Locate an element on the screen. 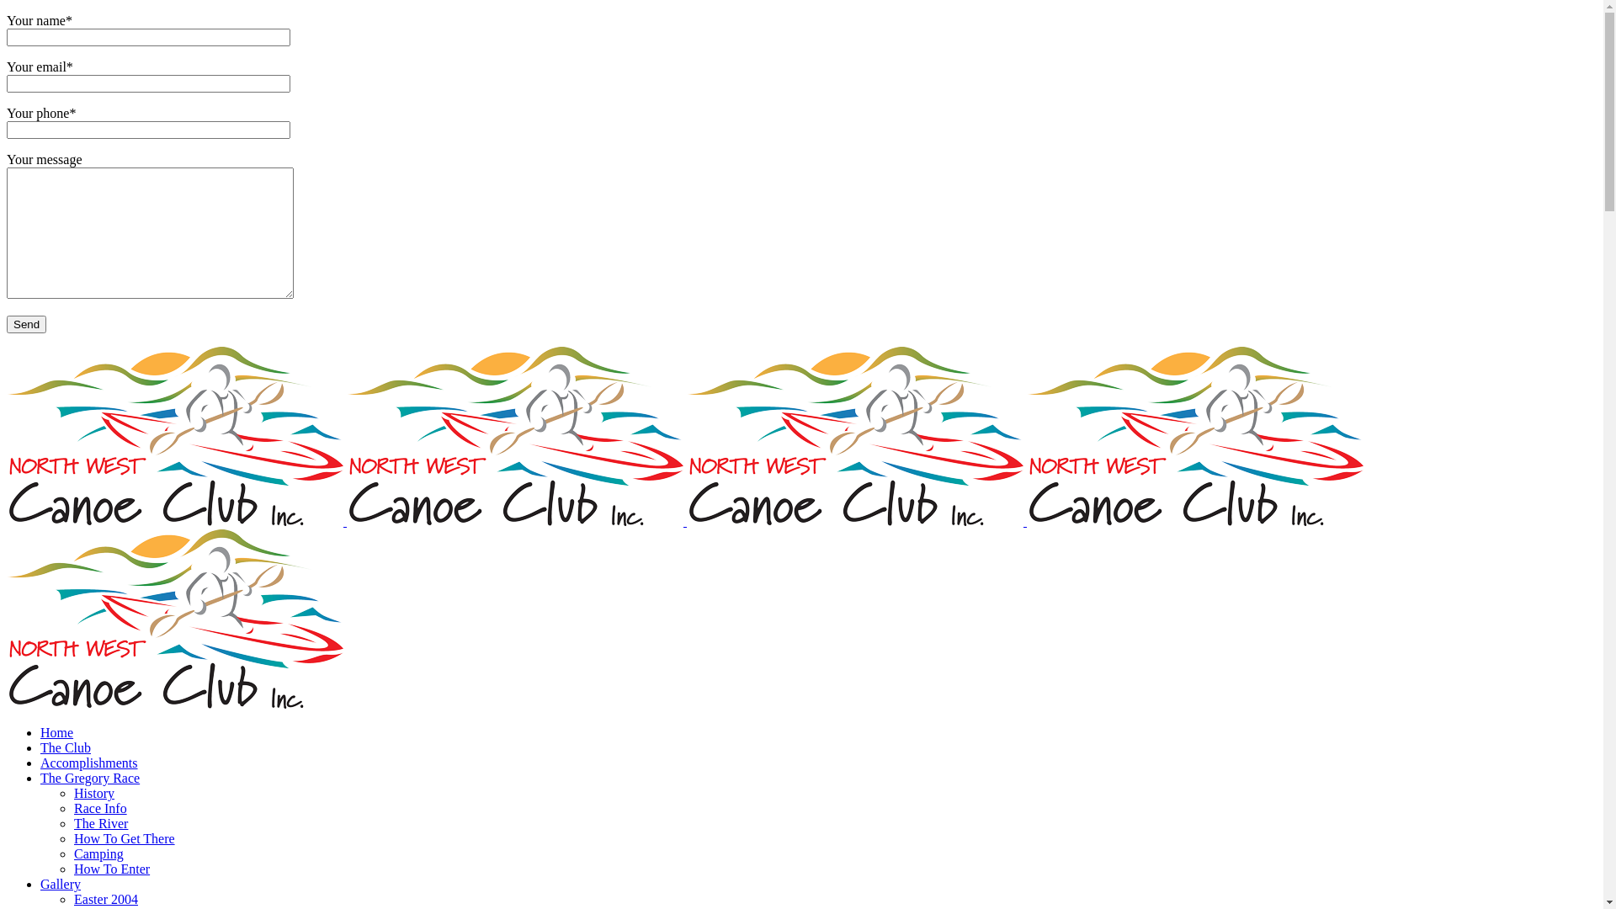 The width and height of the screenshot is (1616, 909). 'Easter 2004' is located at coordinates (72, 898).